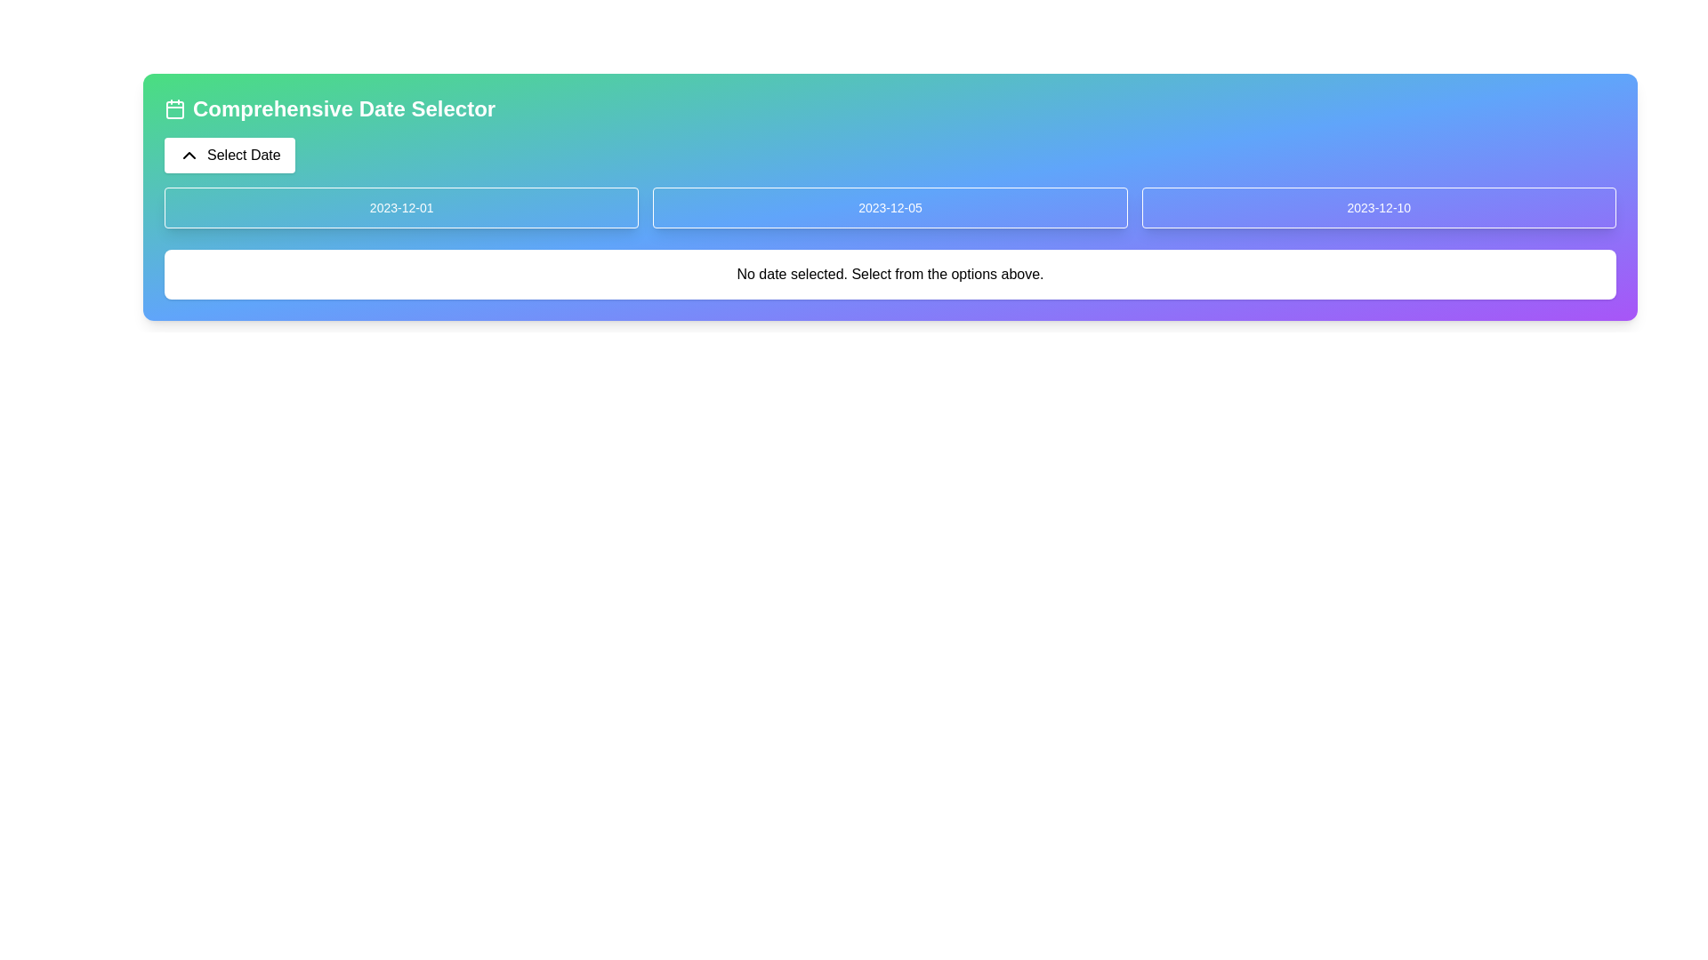 Image resolution: width=1708 pixels, height=960 pixels. What do you see at coordinates (890, 207) in the screenshot?
I see `the date selection button, the second element in the grid layout` at bounding box center [890, 207].